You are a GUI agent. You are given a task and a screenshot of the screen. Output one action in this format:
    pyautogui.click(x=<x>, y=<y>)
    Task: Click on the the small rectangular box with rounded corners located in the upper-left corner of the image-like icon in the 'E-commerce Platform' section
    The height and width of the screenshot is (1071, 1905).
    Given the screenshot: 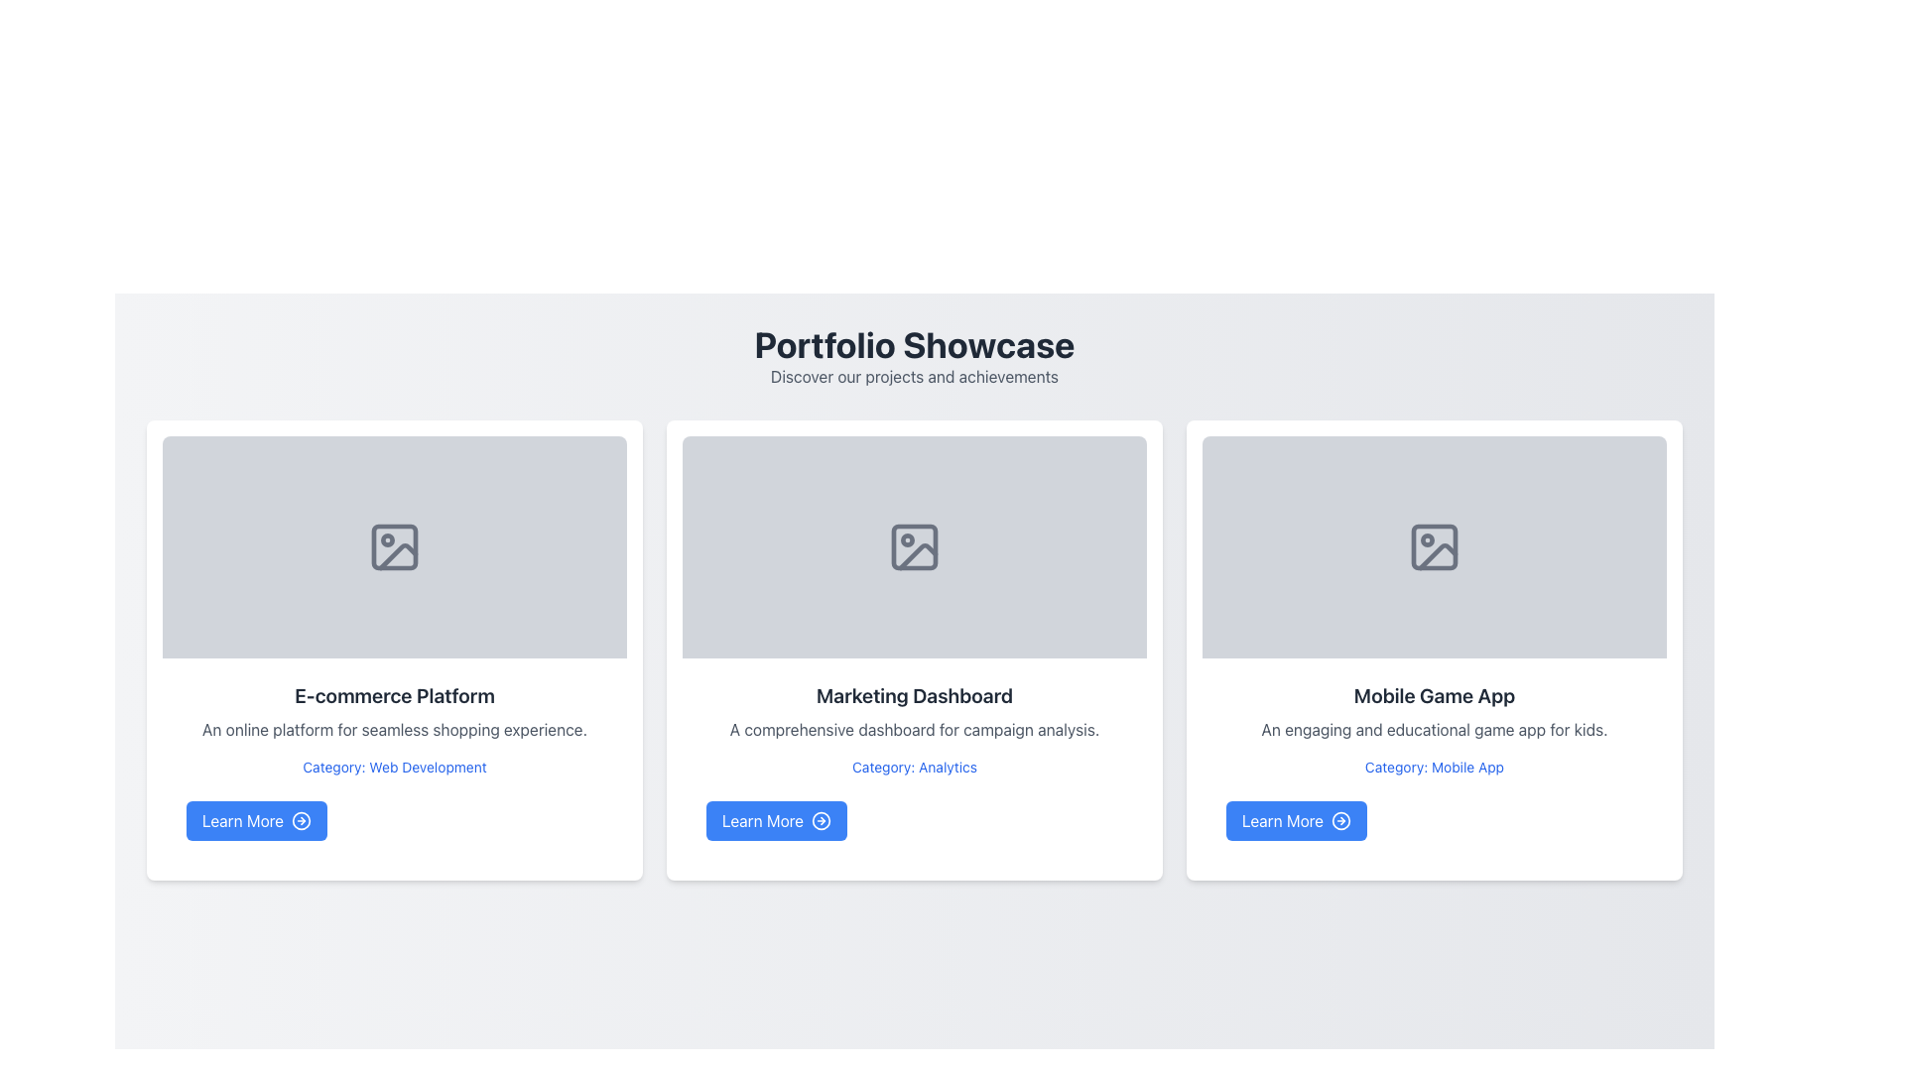 What is the action you would take?
    pyautogui.click(x=395, y=546)
    